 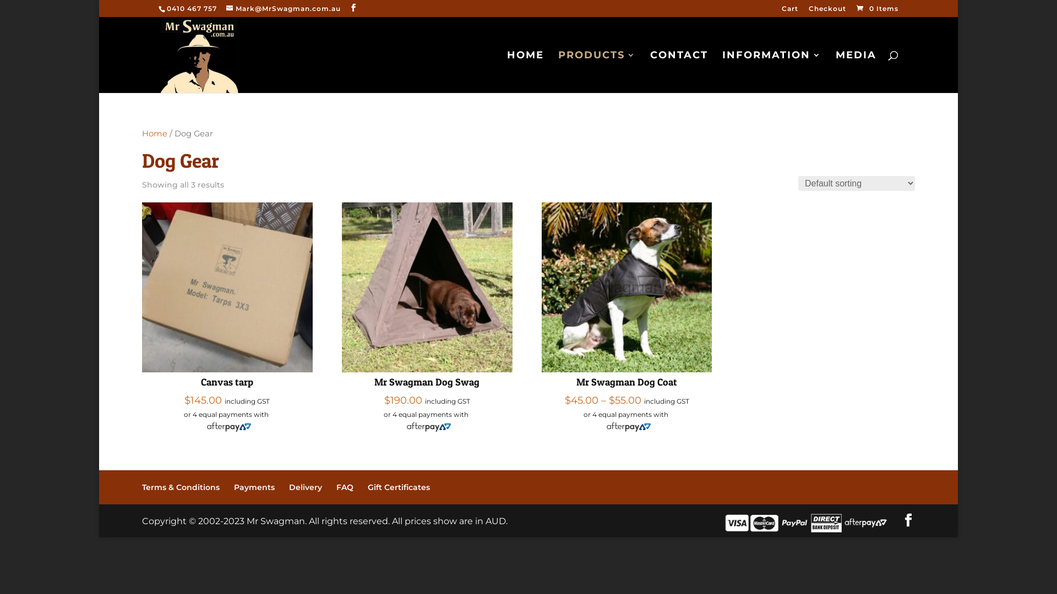 I want to click on 'PRODUCTS', so click(x=558, y=72).